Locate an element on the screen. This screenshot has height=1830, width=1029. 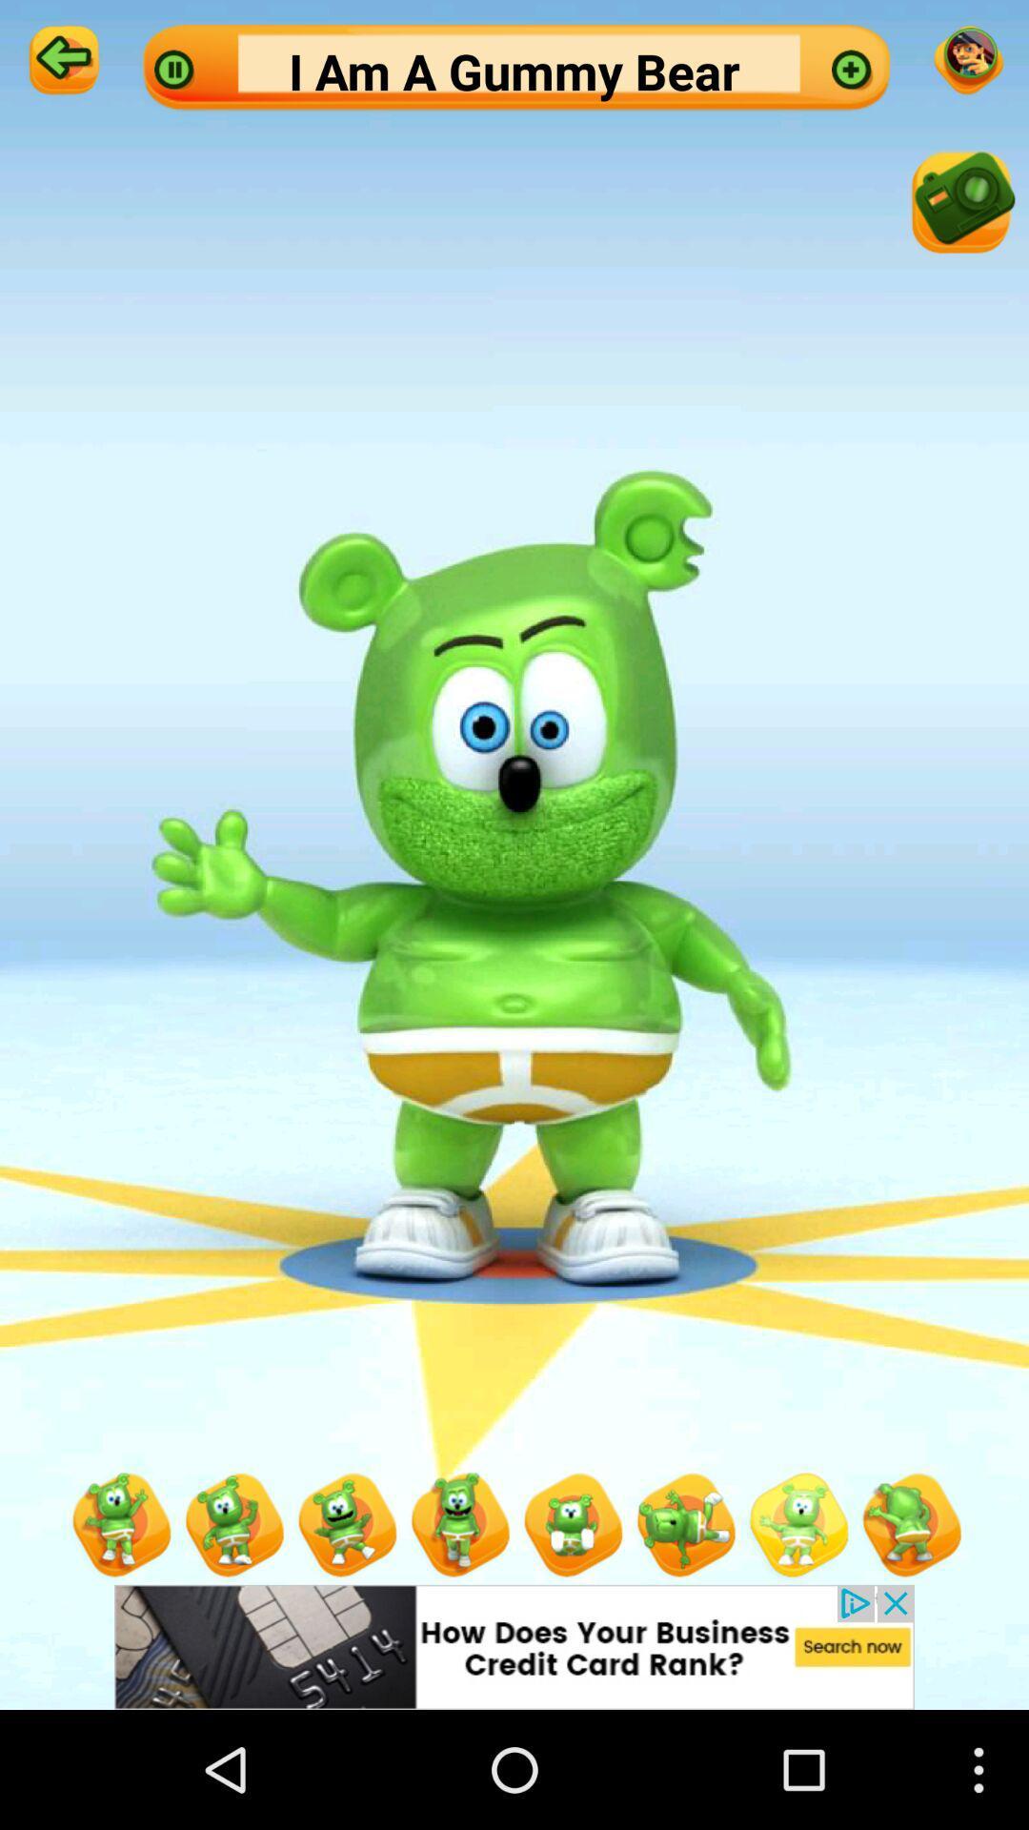
the photo icon is located at coordinates (959, 220).